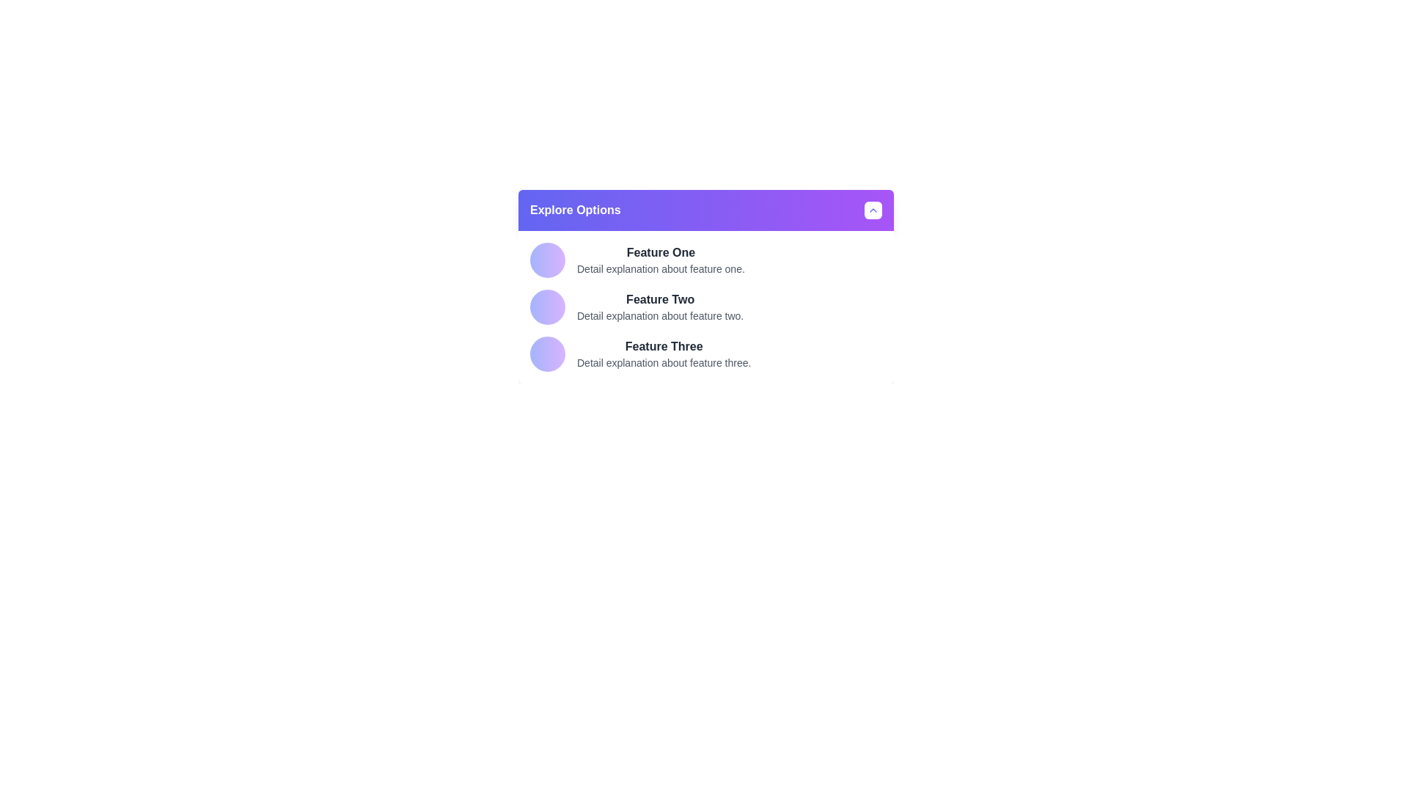 This screenshot has width=1408, height=792. Describe the element at coordinates (659, 315) in the screenshot. I see `the text label reading 'Detail explanation about feature two.' which is styled in a smaller font size with a light gray color and located beneath the title 'Feature Two'` at that location.